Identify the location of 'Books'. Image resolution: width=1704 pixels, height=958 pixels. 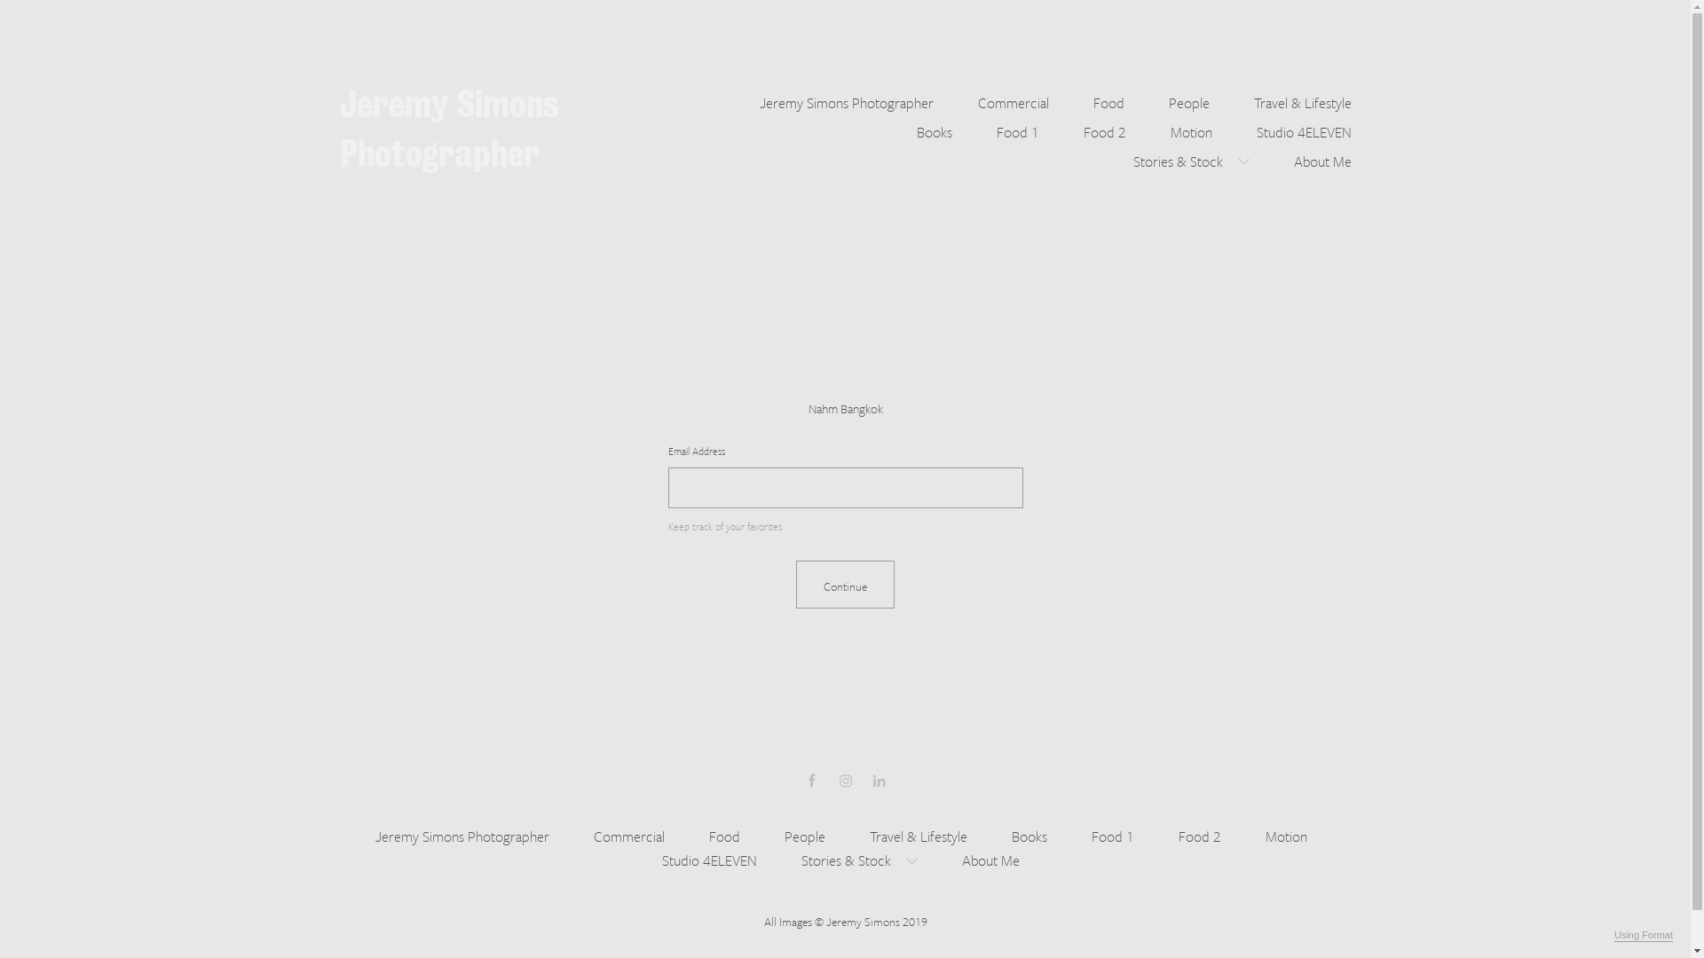
(932, 128).